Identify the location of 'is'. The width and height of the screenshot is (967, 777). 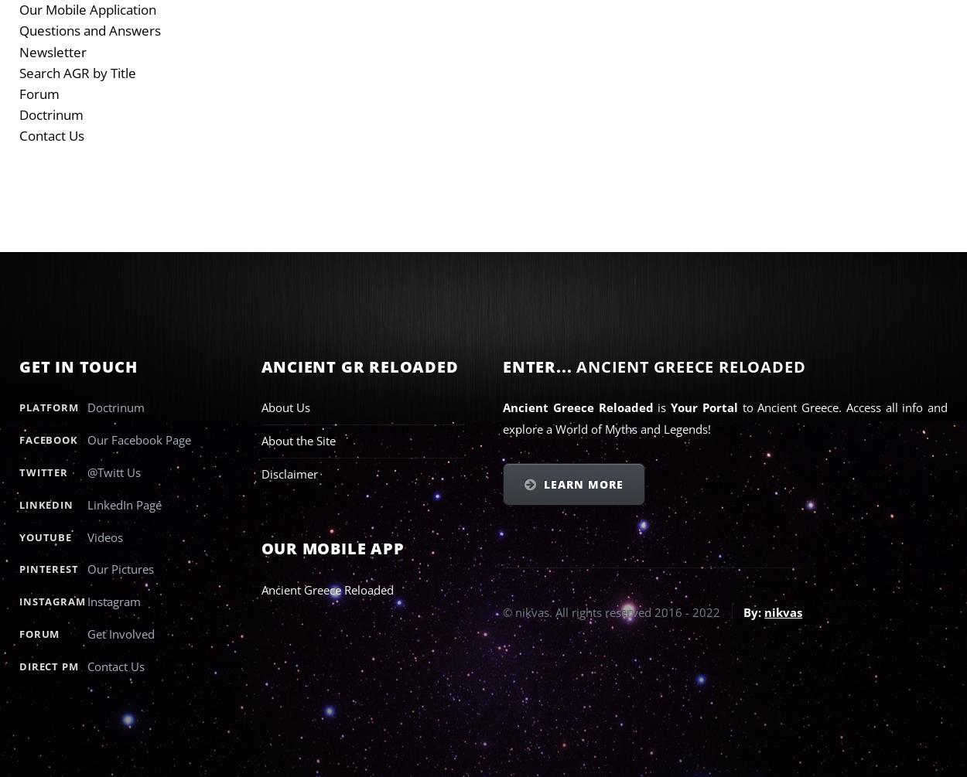
(663, 407).